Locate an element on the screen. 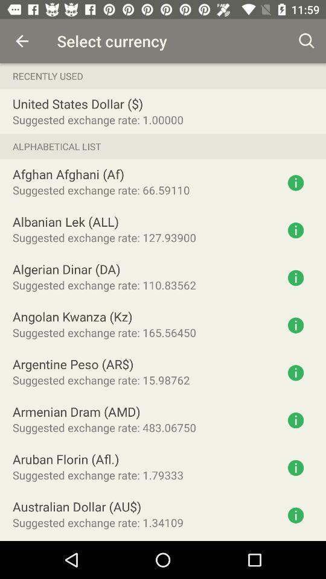 The image size is (326, 579). list information about angolan kwanza is located at coordinates (295, 324).